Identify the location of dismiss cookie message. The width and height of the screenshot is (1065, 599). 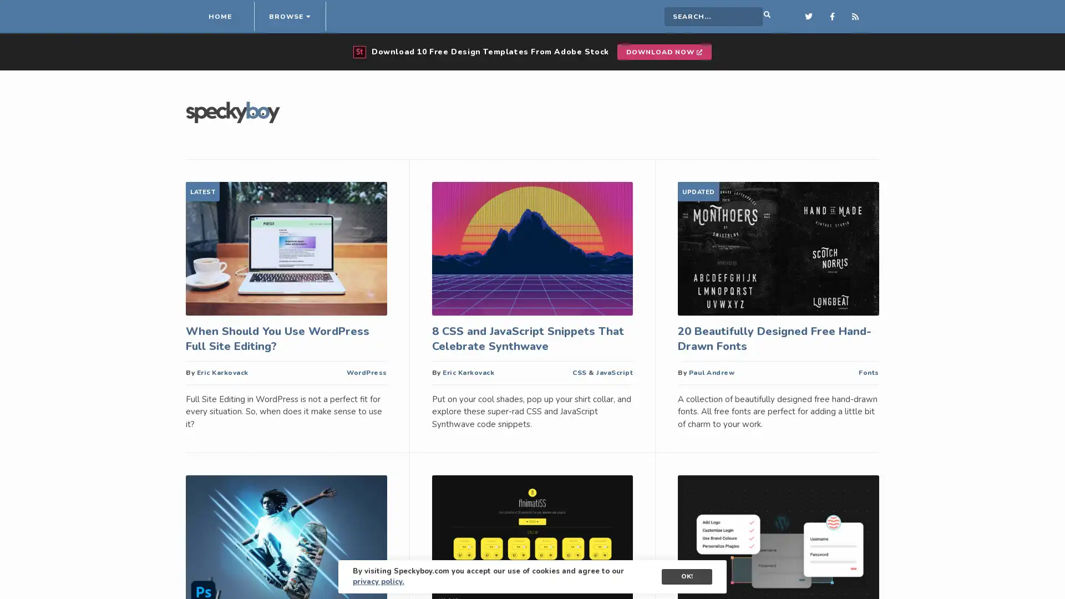
(686, 576).